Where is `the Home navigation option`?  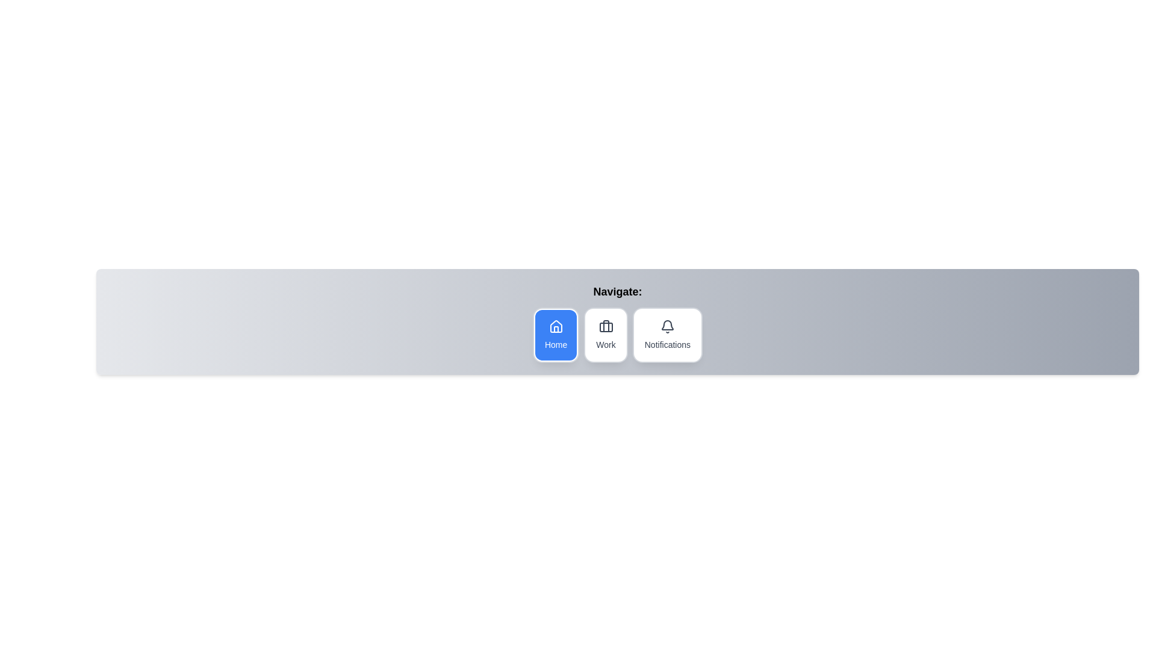
the Home navigation option is located at coordinates (555, 335).